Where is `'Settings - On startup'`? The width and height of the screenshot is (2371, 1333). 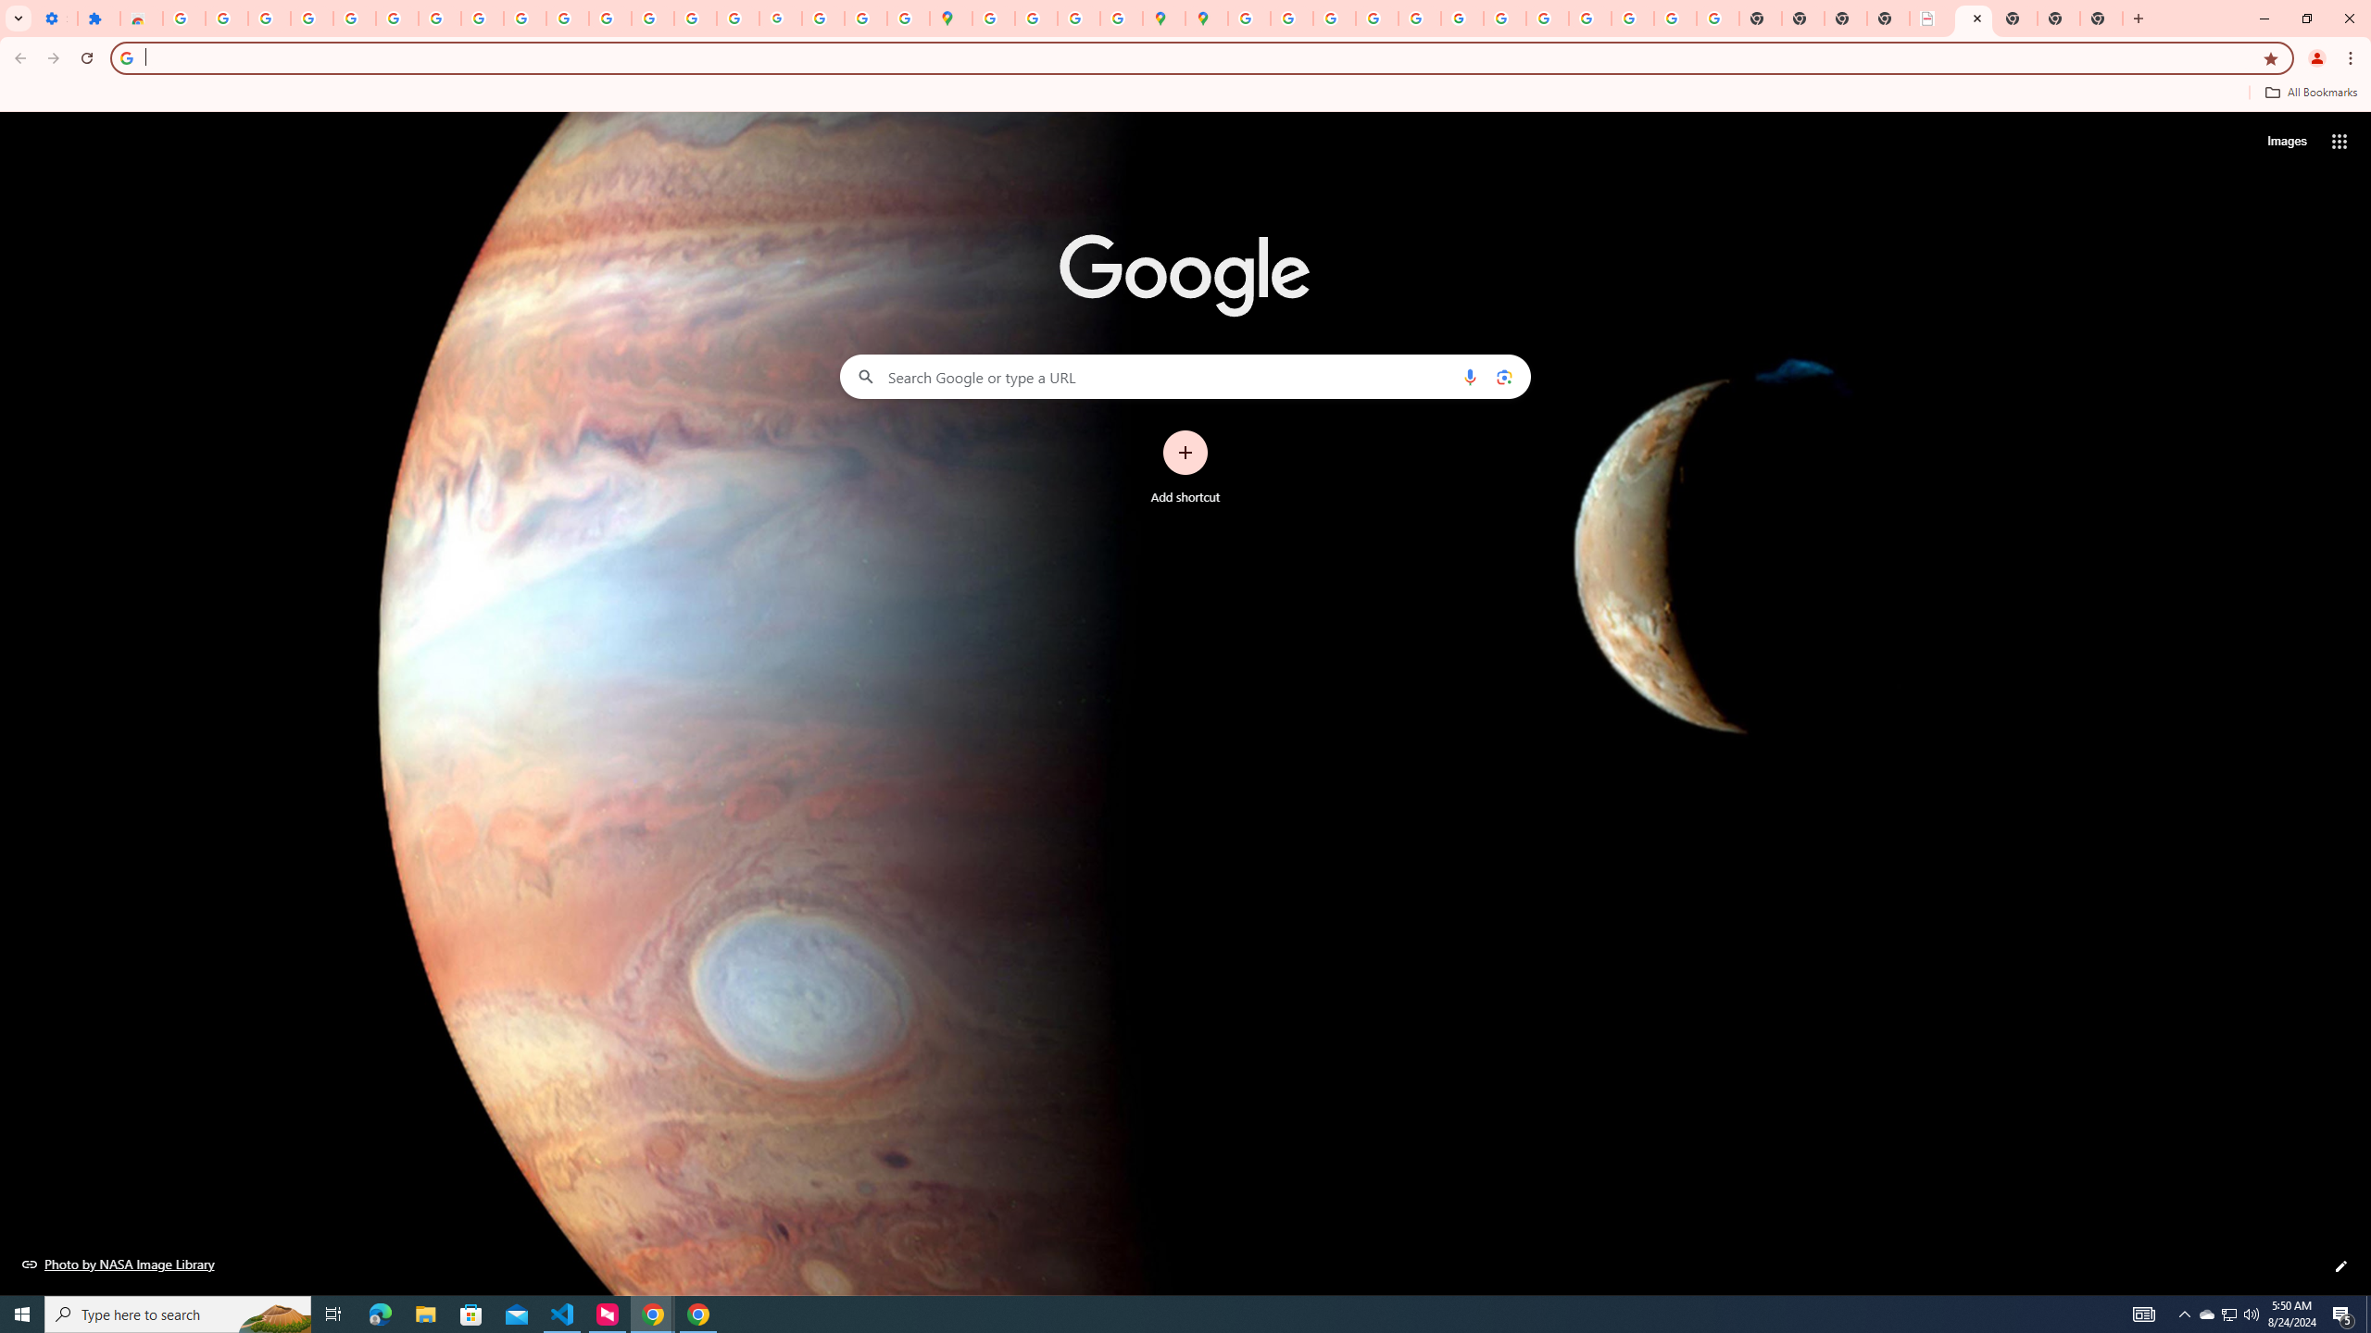
'Settings - On startup' is located at coordinates (56, 18).